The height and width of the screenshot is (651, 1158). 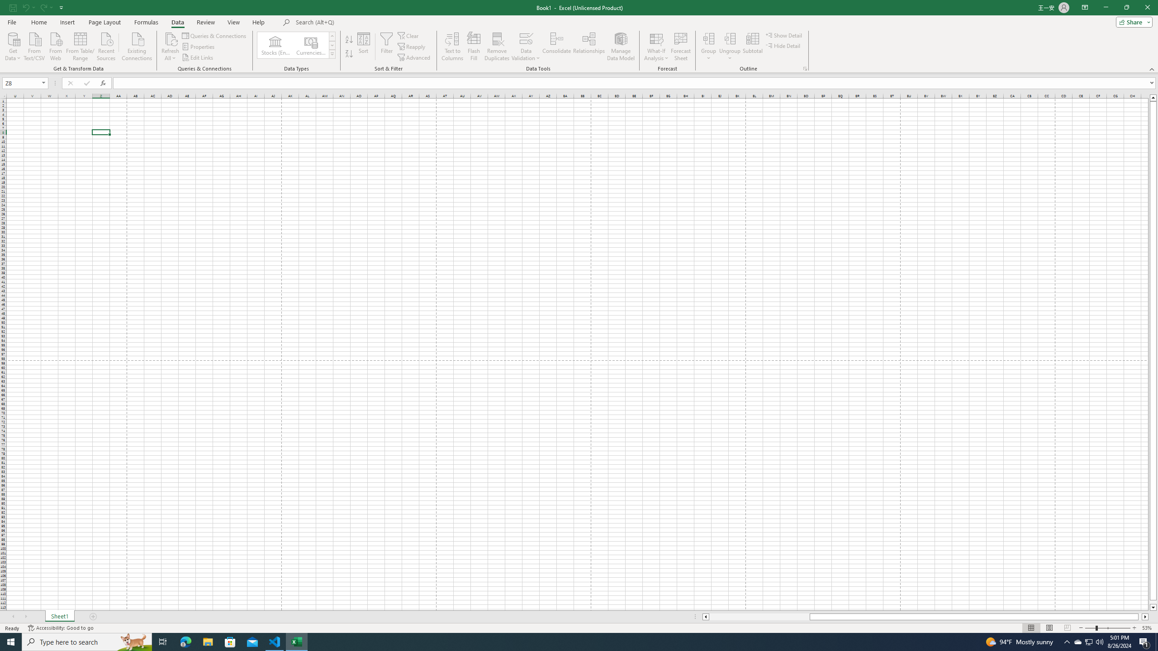 I want to click on 'Advanced...', so click(x=414, y=57).